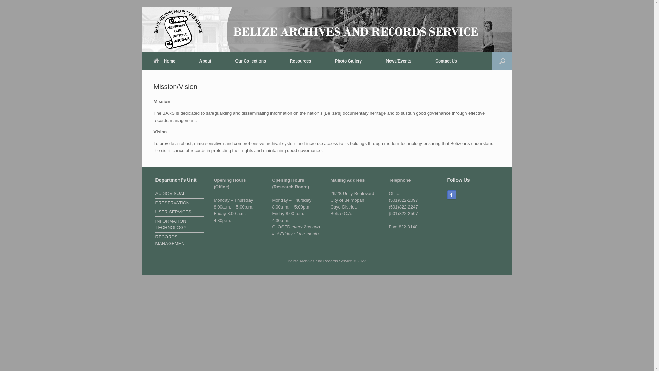 This screenshot has width=659, height=371. Describe the element at coordinates (141, 60) in the screenshot. I see `'Home'` at that location.